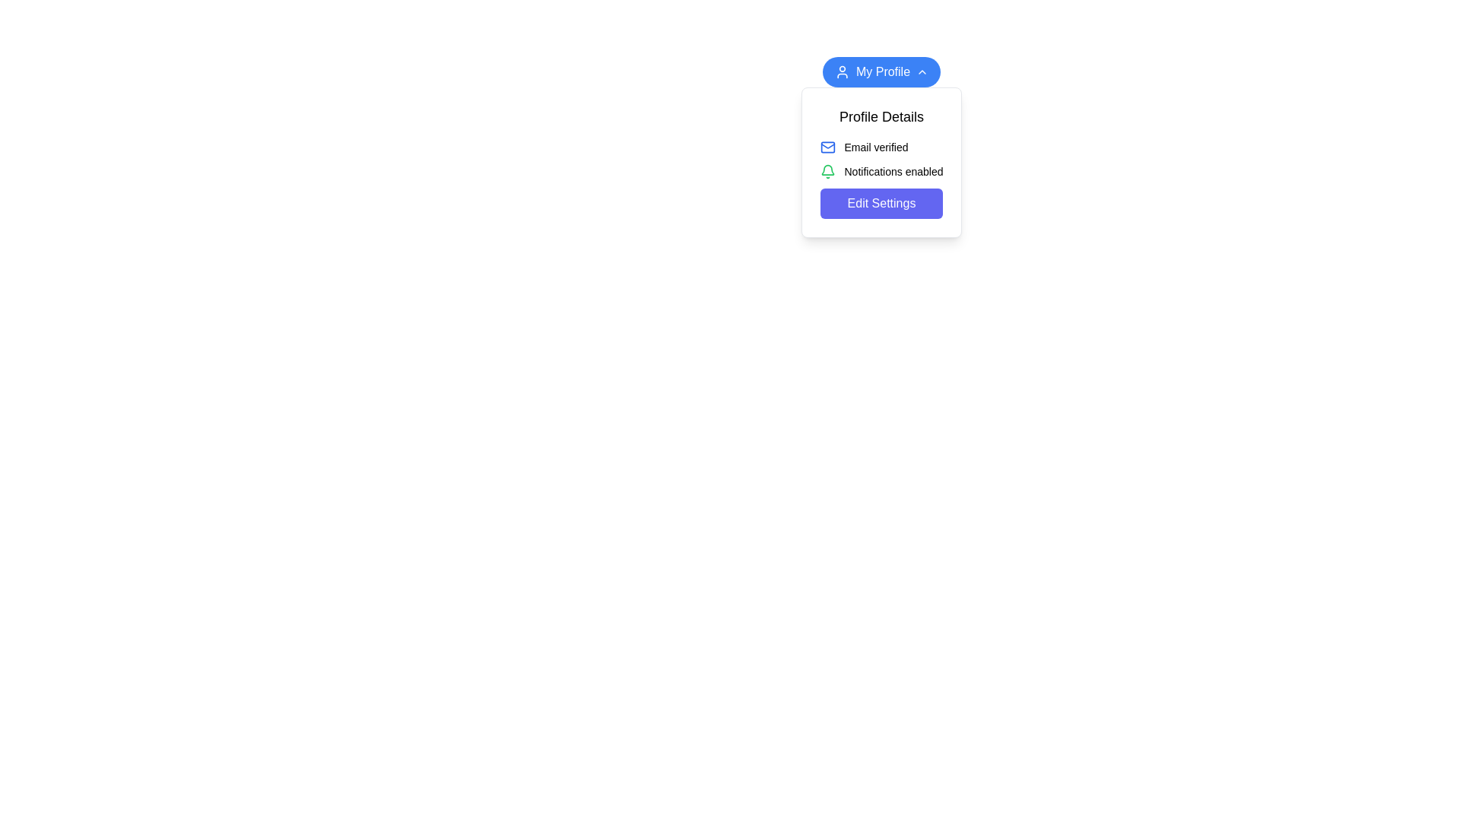 This screenshot has height=821, width=1460. Describe the element at coordinates (881, 162) in the screenshot. I see `the dropdown panel that provides profile details and settings, located directly below the 'My Profile' button` at that location.